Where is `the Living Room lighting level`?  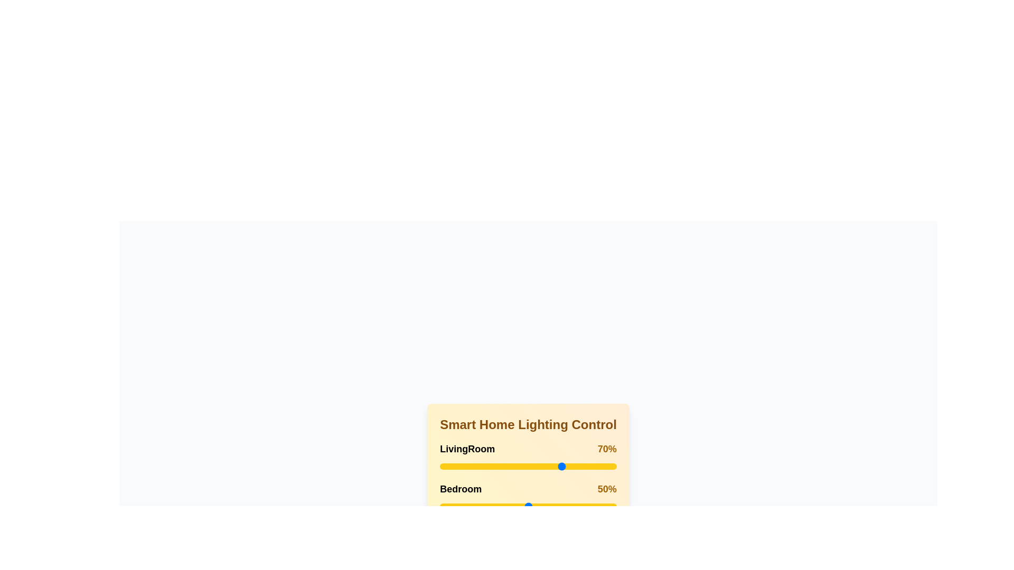 the Living Room lighting level is located at coordinates (589, 465).